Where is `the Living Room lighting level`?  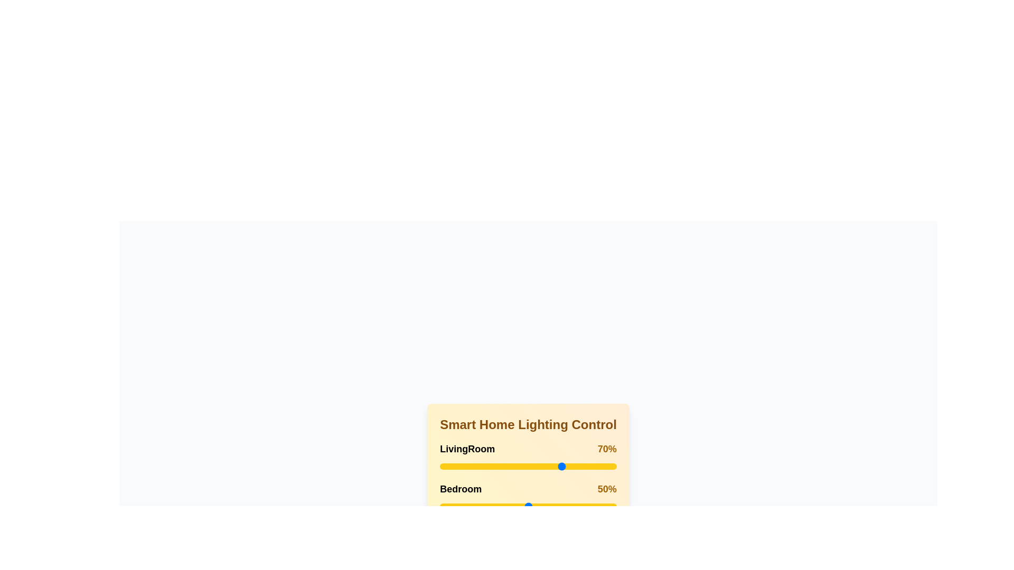 the Living Room lighting level is located at coordinates (589, 465).